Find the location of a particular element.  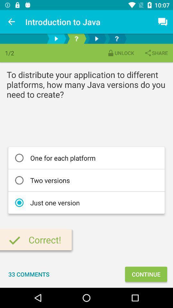

option is located at coordinates (96, 38).